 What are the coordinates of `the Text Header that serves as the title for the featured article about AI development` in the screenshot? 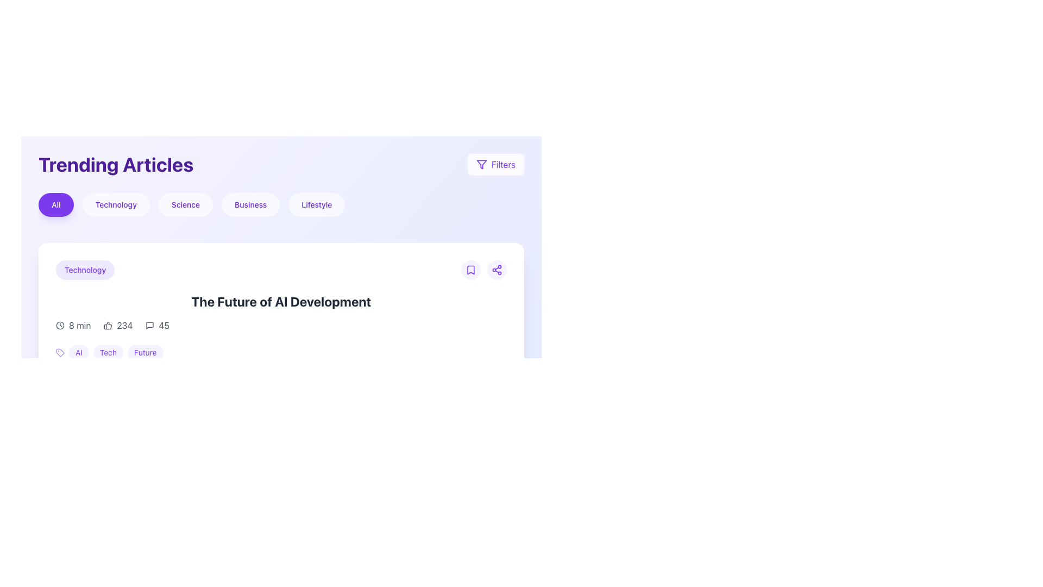 It's located at (281, 302).